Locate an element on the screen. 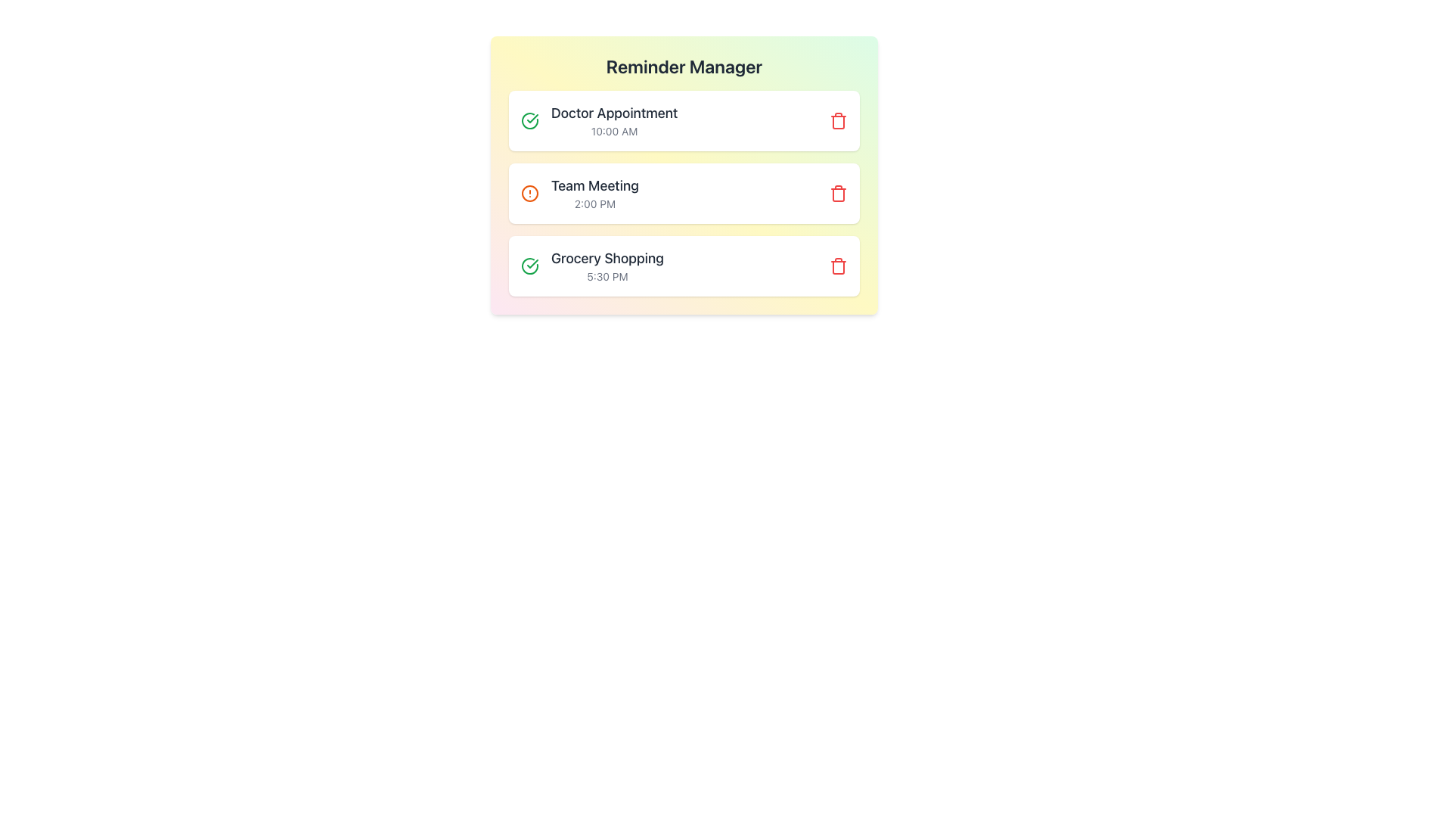  the interactive marker button located in the leftmost position of the line displaying 'Grocery Shopping' and '5:30 PM' is located at coordinates (529, 265).